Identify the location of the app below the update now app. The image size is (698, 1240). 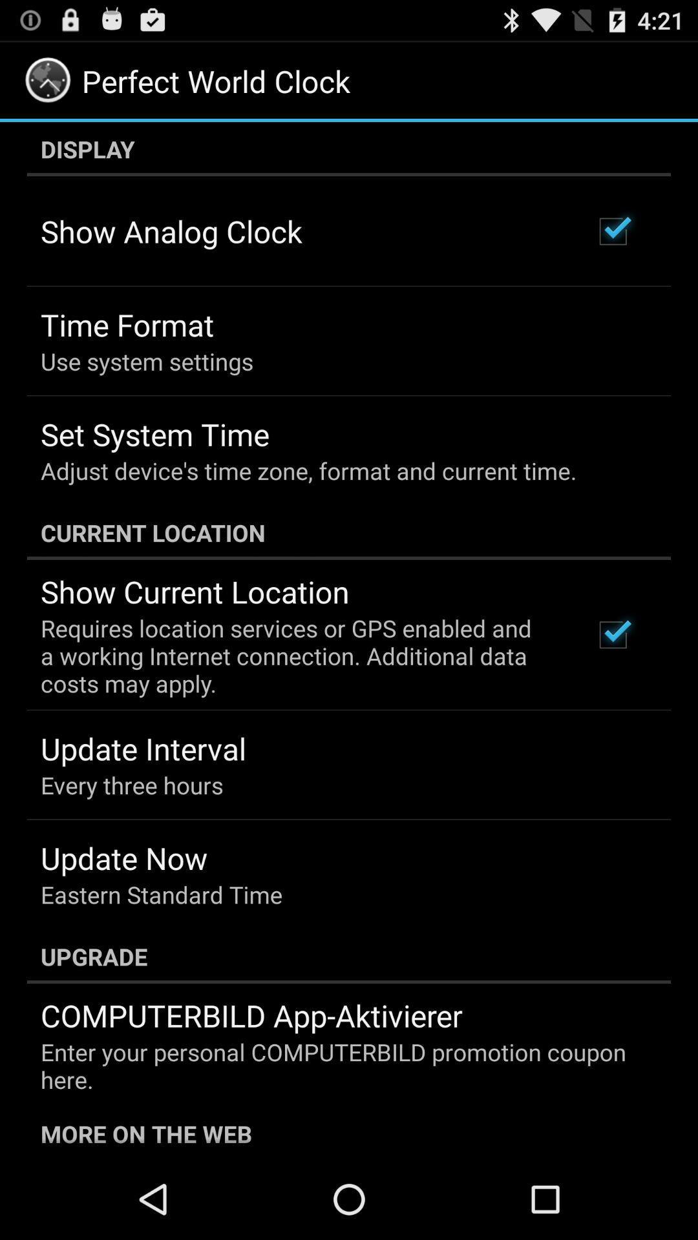
(161, 894).